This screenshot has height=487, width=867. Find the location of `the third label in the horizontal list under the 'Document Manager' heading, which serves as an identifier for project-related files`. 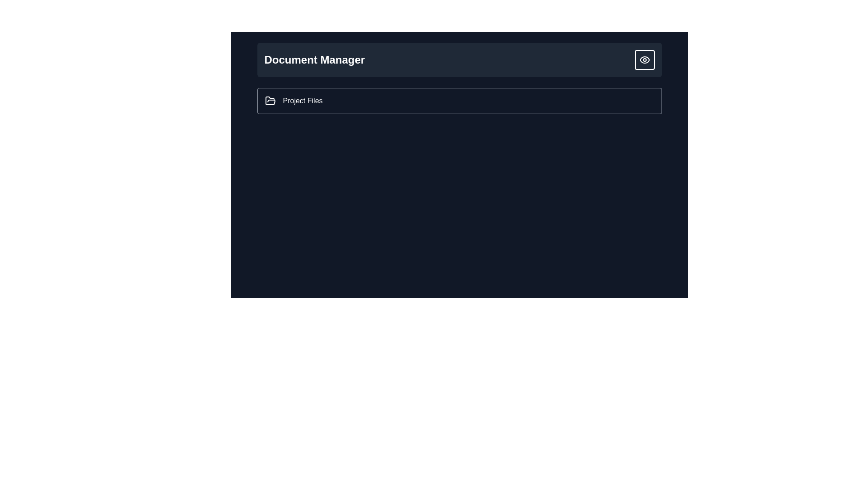

the third label in the horizontal list under the 'Document Manager' heading, which serves as an identifier for project-related files is located at coordinates (303, 101).